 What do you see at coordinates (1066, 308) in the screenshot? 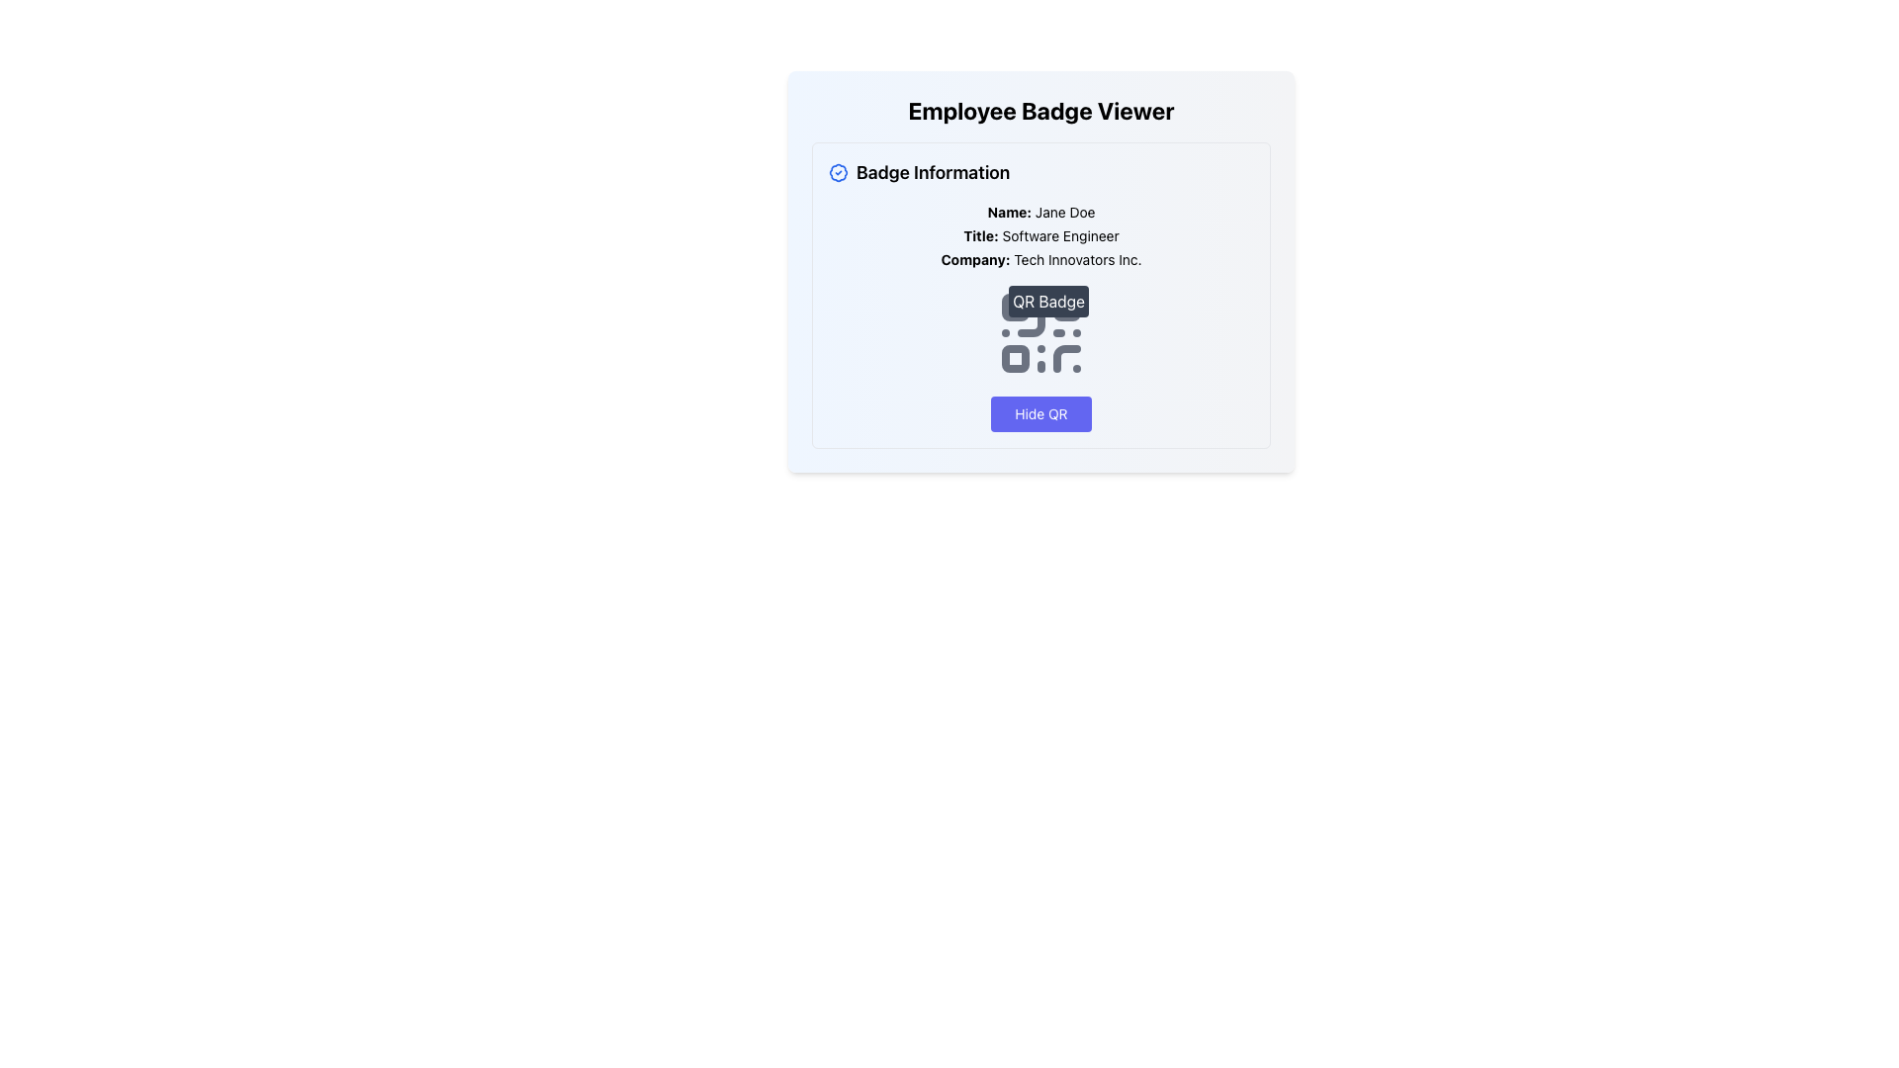
I see `the small square with rounded corners located in the upper right corner of the QR code` at bounding box center [1066, 308].